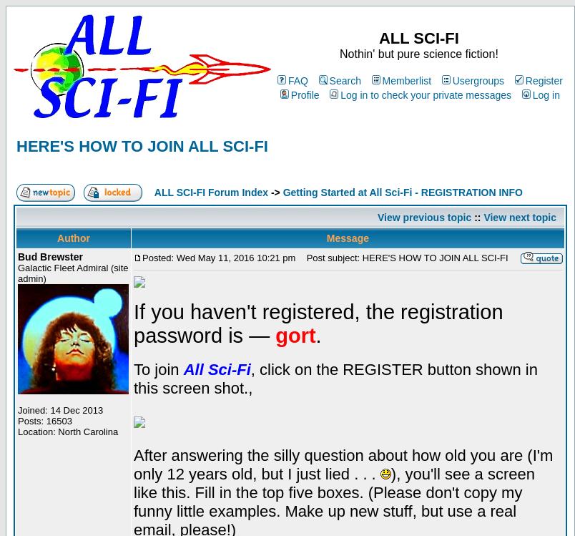 The image size is (575, 536). What do you see at coordinates (298, 257) in the screenshot?
I see `'Post subject: HERE'S HOW TO JOIN ALL SCI-FI'` at bounding box center [298, 257].